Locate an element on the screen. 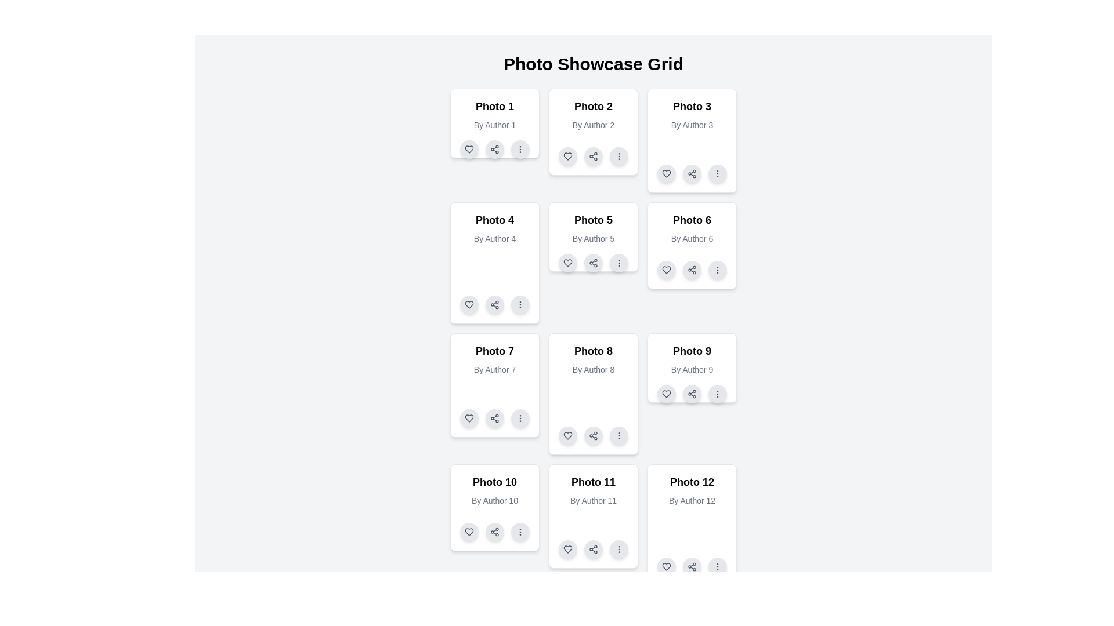 This screenshot has width=1114, height=626. the heart-shaped icon button located at the bottom left corner of the 'Photo 11' card by 'Author 11' is located at coordinates (568, 549).